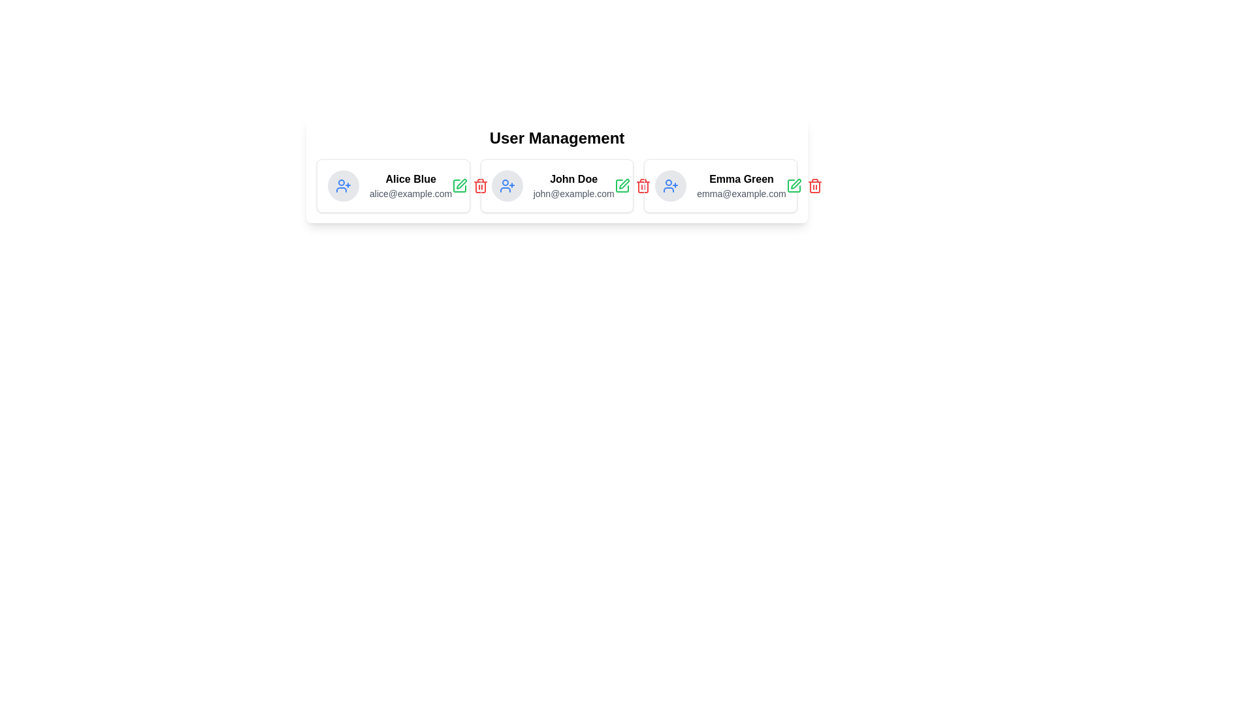 Image resolution: width=1254 pixels, height=705 pixels. I want to click on the Informational Display that shows the user's name and email address, located in the first section of the user list, aligned with 'John Doe' and 'Emma Green', so click(393, 186).